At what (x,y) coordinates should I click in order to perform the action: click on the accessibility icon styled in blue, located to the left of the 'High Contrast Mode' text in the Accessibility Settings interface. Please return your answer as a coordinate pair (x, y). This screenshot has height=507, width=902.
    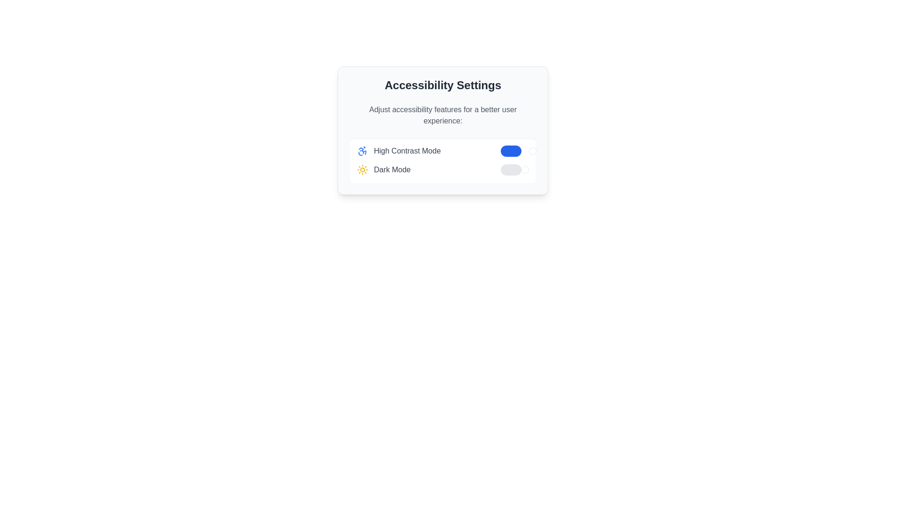
    Looking at the image, I should click on (362, 150).